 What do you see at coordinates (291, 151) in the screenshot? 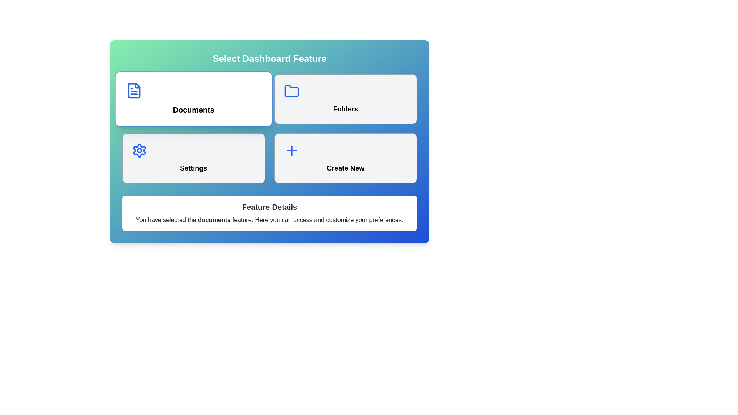
I see `the icon indicating the action to create a new item, located in the top left corner of the 'Create New' area` at bounding box center [291, 151].